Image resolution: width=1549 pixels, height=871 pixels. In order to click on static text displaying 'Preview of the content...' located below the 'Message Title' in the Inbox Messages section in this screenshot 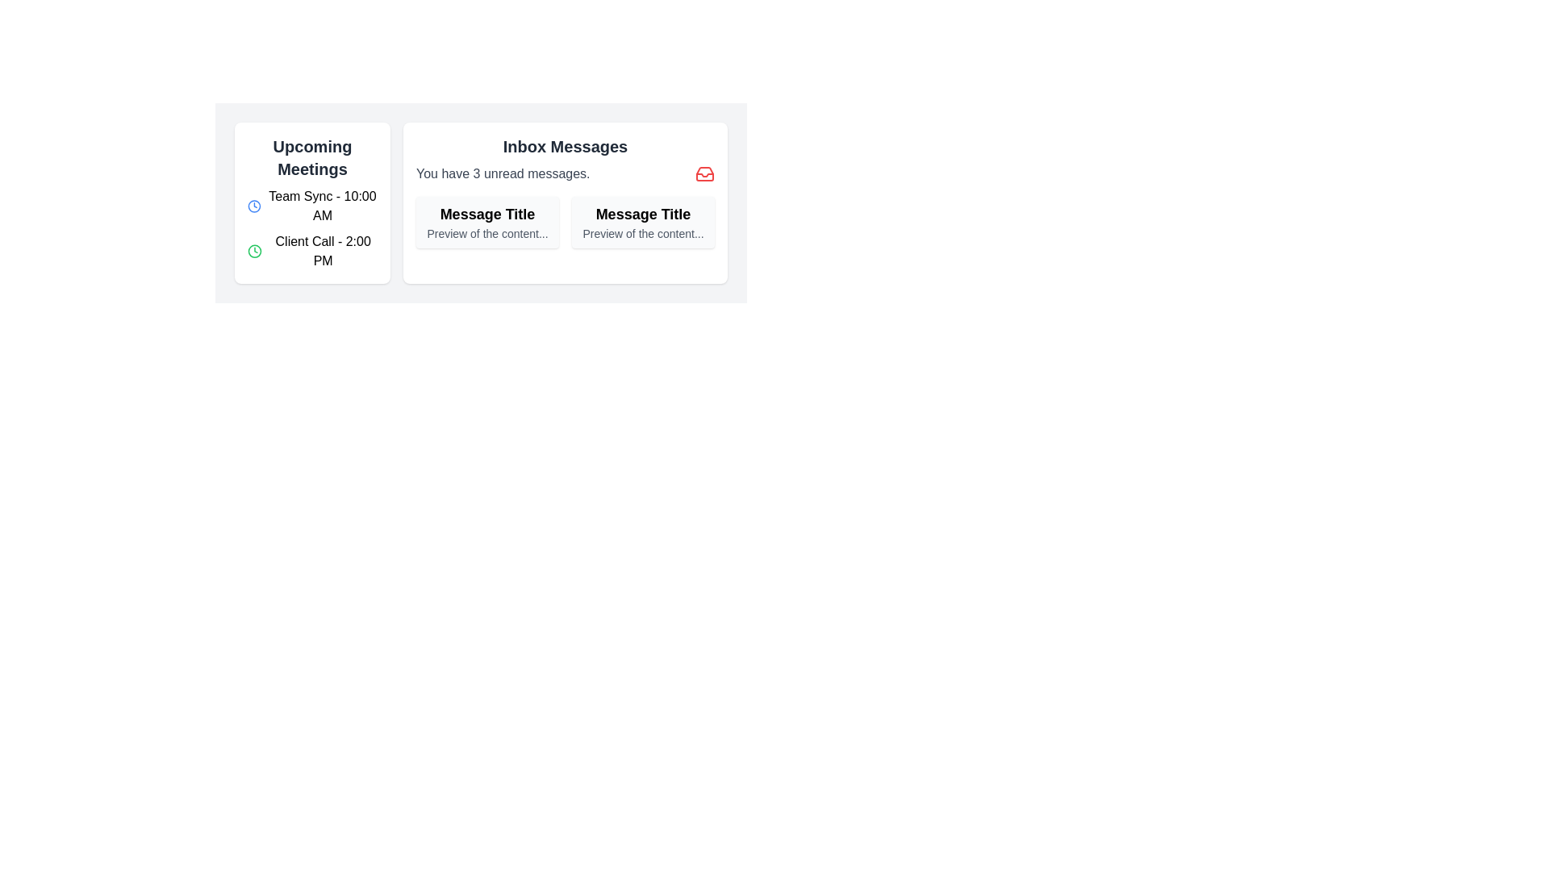, I will do `click(486, 233)`.